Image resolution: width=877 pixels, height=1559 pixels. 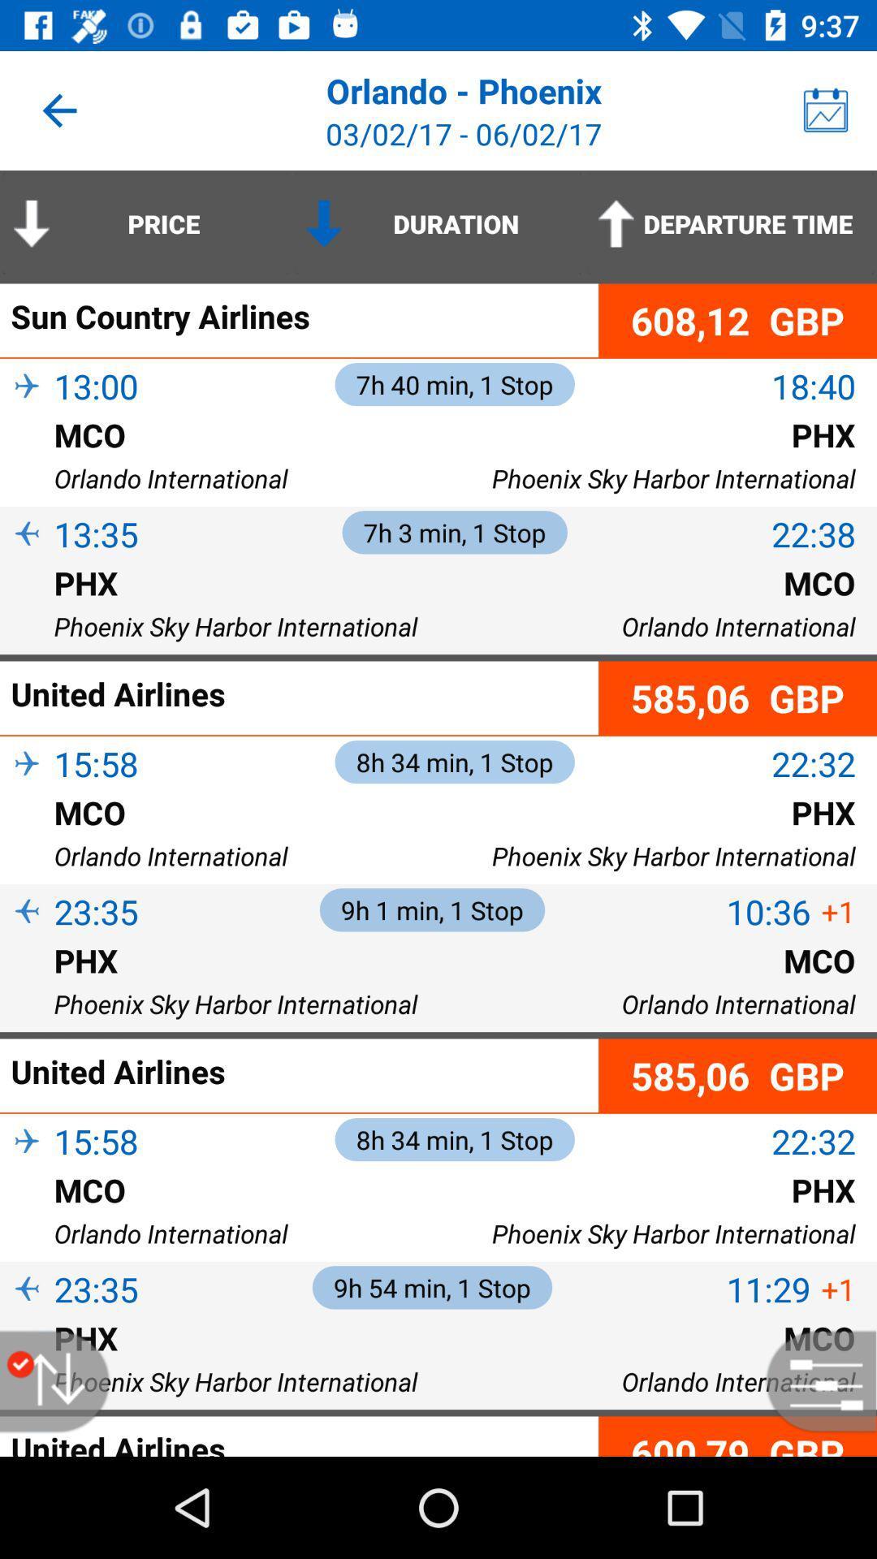 What do you see at coordinates (767, 911) in the screenshot?
I see `the item above mco icon` at bounding box center [767, 911].